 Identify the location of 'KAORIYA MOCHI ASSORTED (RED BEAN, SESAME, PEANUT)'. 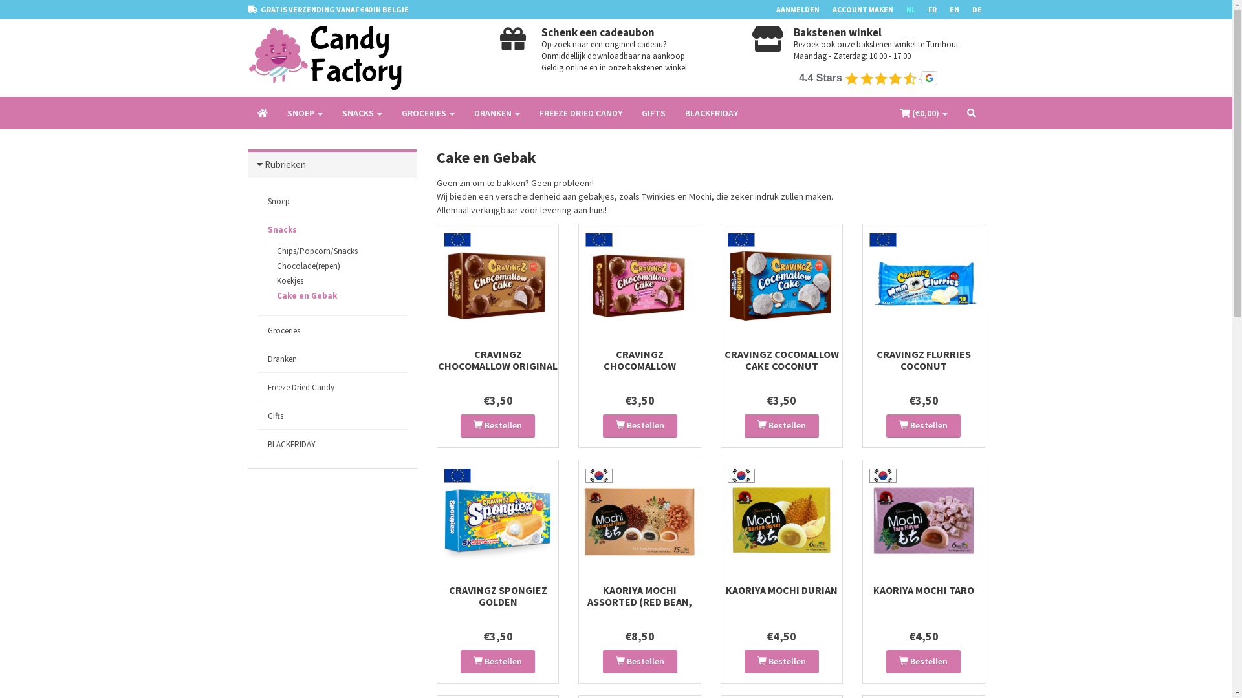
(639, 601).